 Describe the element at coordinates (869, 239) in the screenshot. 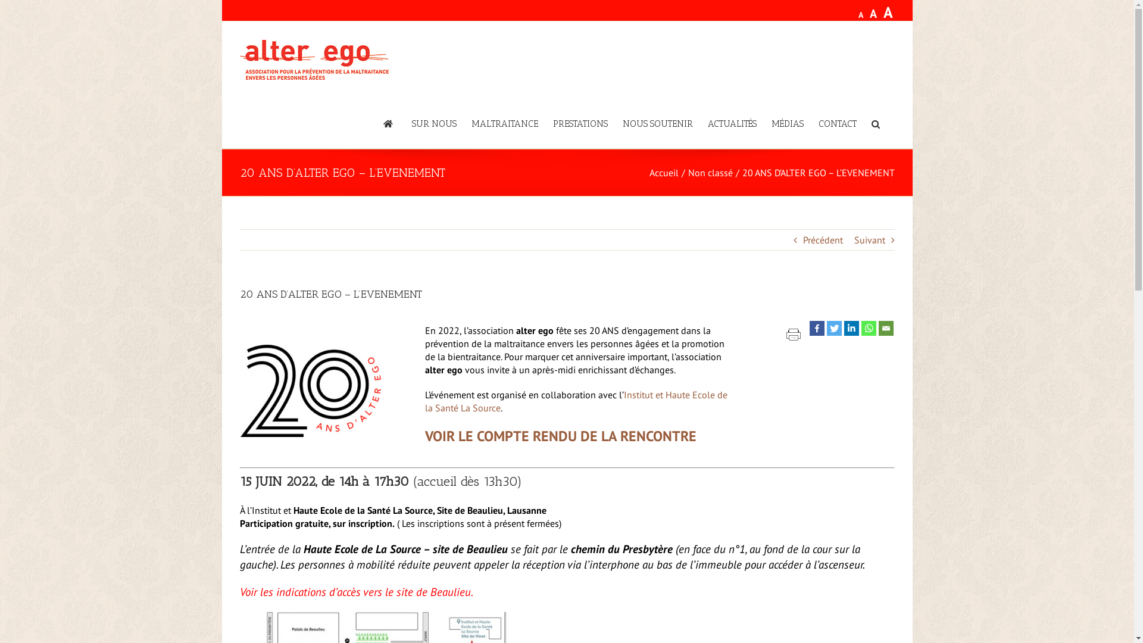

I see `'Suivant'` at that location.